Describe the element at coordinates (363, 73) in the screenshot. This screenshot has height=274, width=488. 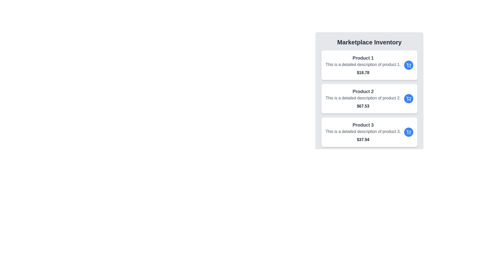
I see `price information displayed in bold gray text as '$18.78', located below the description of product 1 in the UI` at that location.